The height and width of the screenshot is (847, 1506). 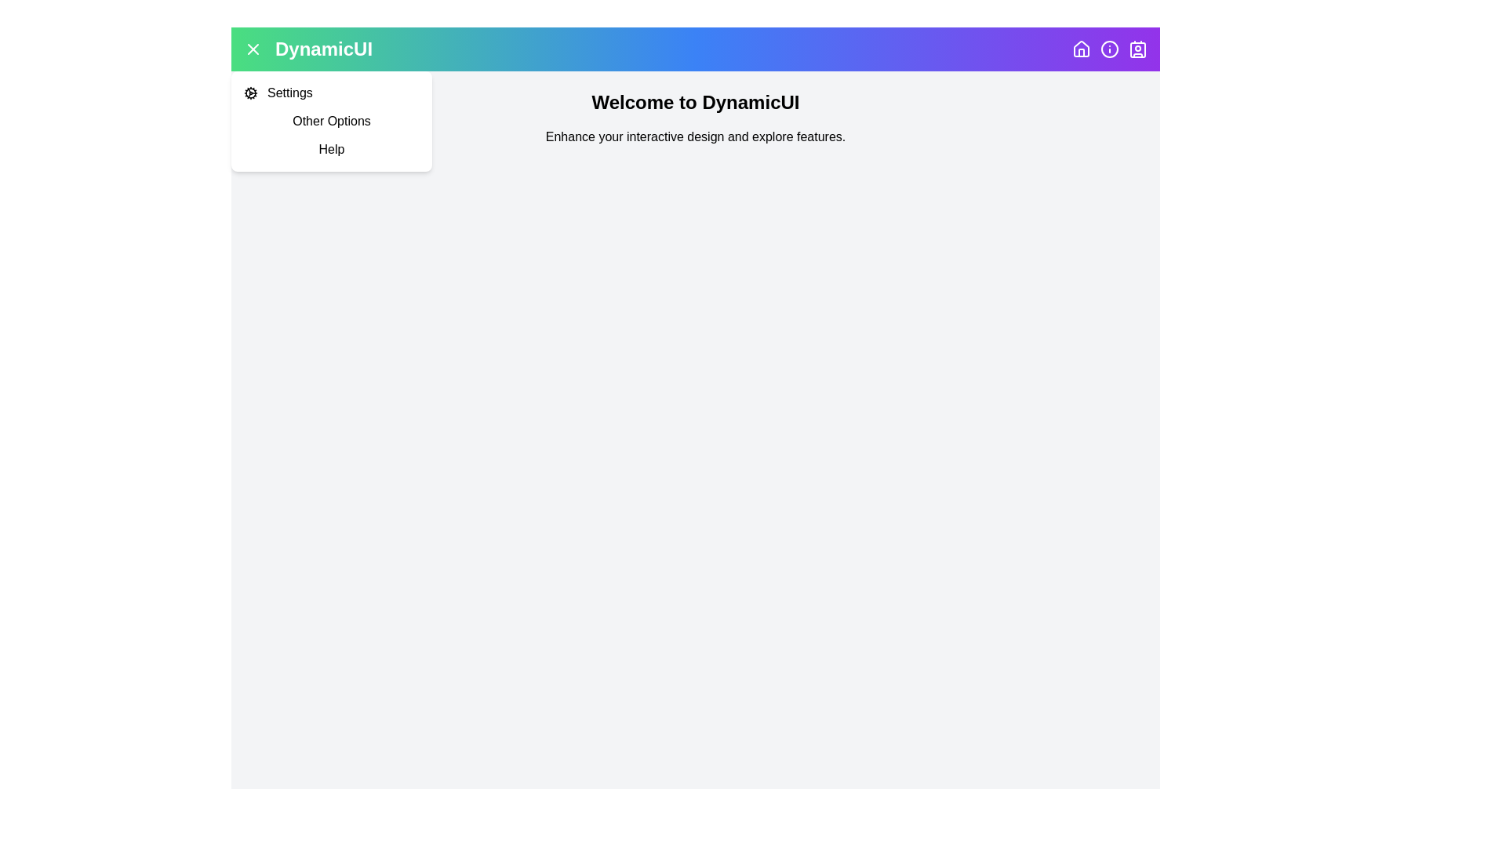 What do you see at coordinates (322, 48) in the screenshot?
I see `the 'DynamicUI' text label displayed in bold, white font on the colorful gradient banner near the top of the interface` at bounding box center [322, 48].